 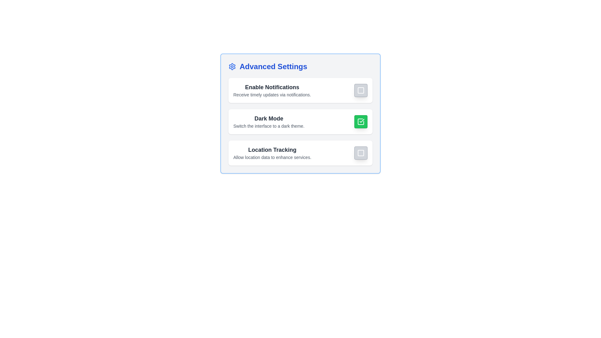 What do you see at coordinates (269, 126) in the screenshot?
I see `the text element that says 'Switch the interface to a dark theme,' which is located below the title 'Dark Mode' in the advanced settings section` at bounding box center [269, 126].